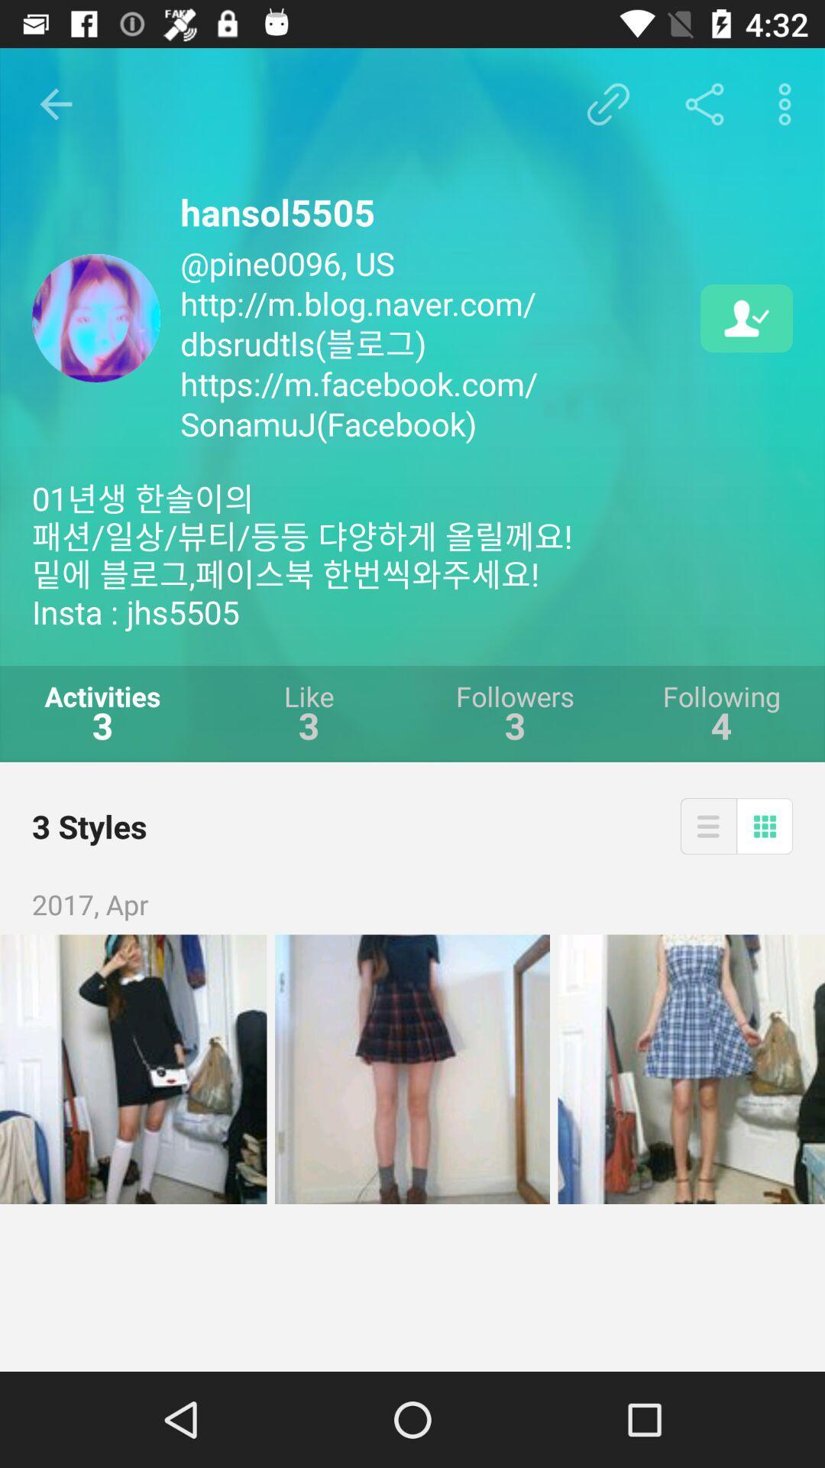 This screenshot has width=825, height=1468. I want to click on image, so click(691, 1068).